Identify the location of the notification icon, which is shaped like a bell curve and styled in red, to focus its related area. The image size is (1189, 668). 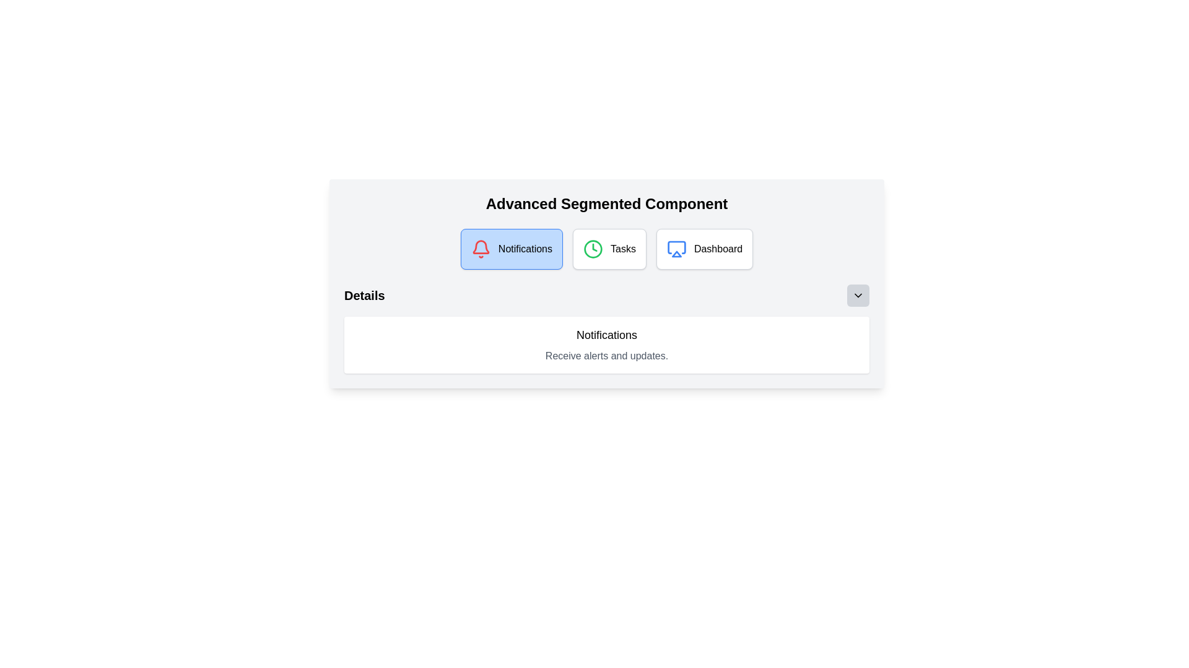
(480, 247).